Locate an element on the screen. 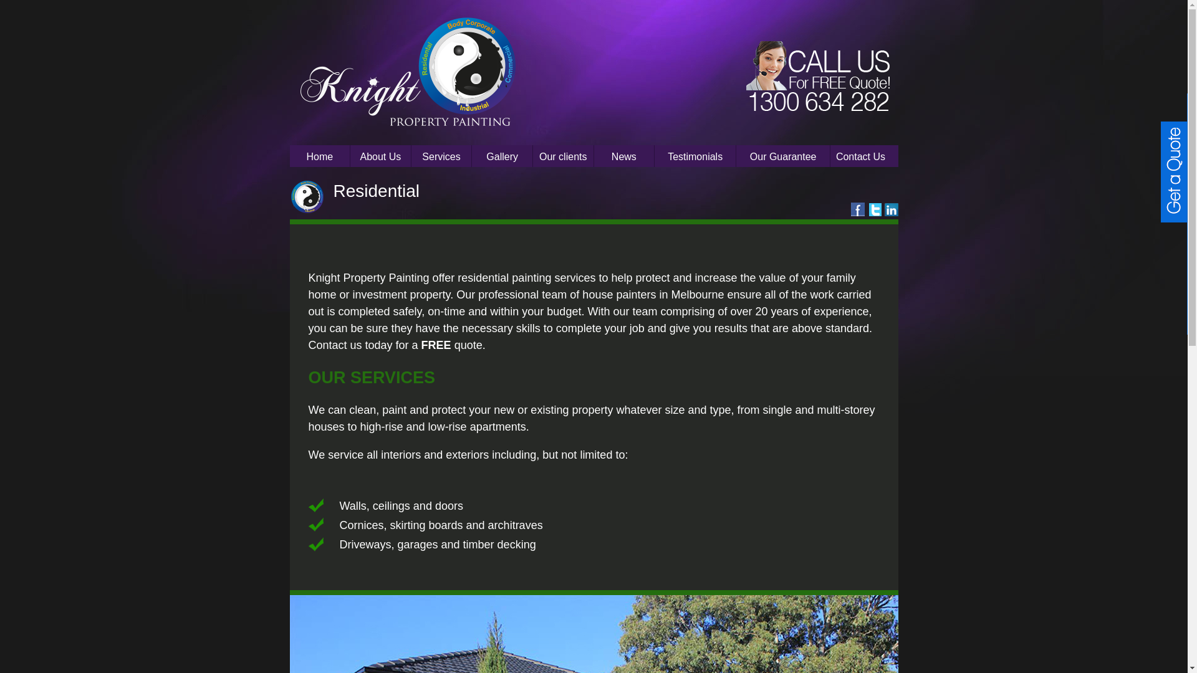  'Home' is located at coordinates (289, 156).